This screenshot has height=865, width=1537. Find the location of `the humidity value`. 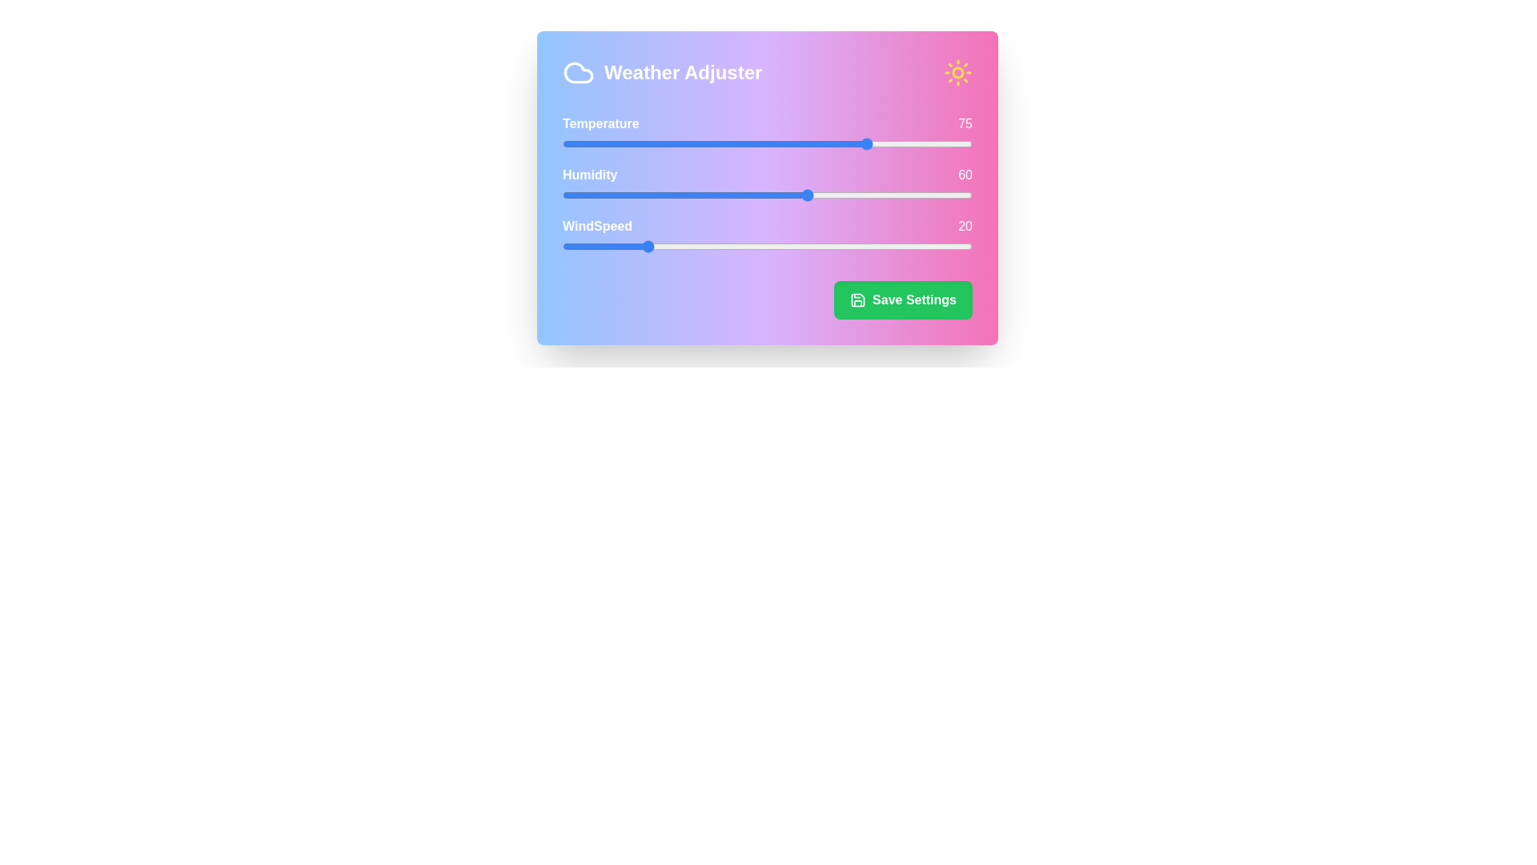

the humidity value is located at coordinates (861, 194).